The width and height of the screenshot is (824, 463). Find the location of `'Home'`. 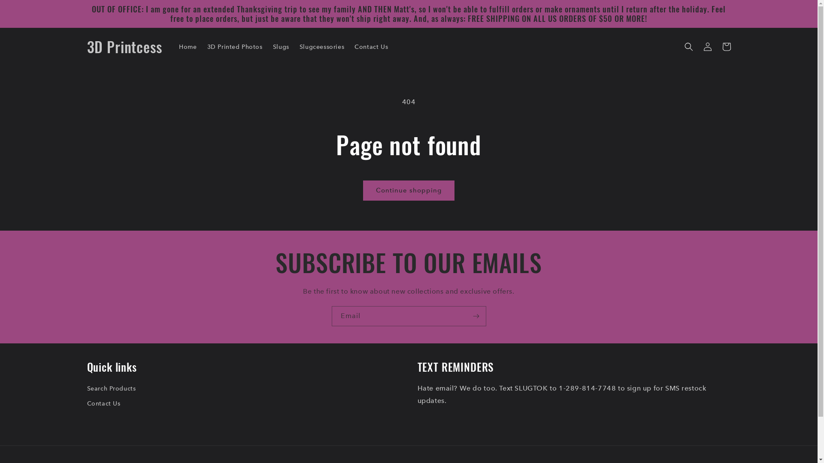

'Home' is located at coordinates (187, 46).